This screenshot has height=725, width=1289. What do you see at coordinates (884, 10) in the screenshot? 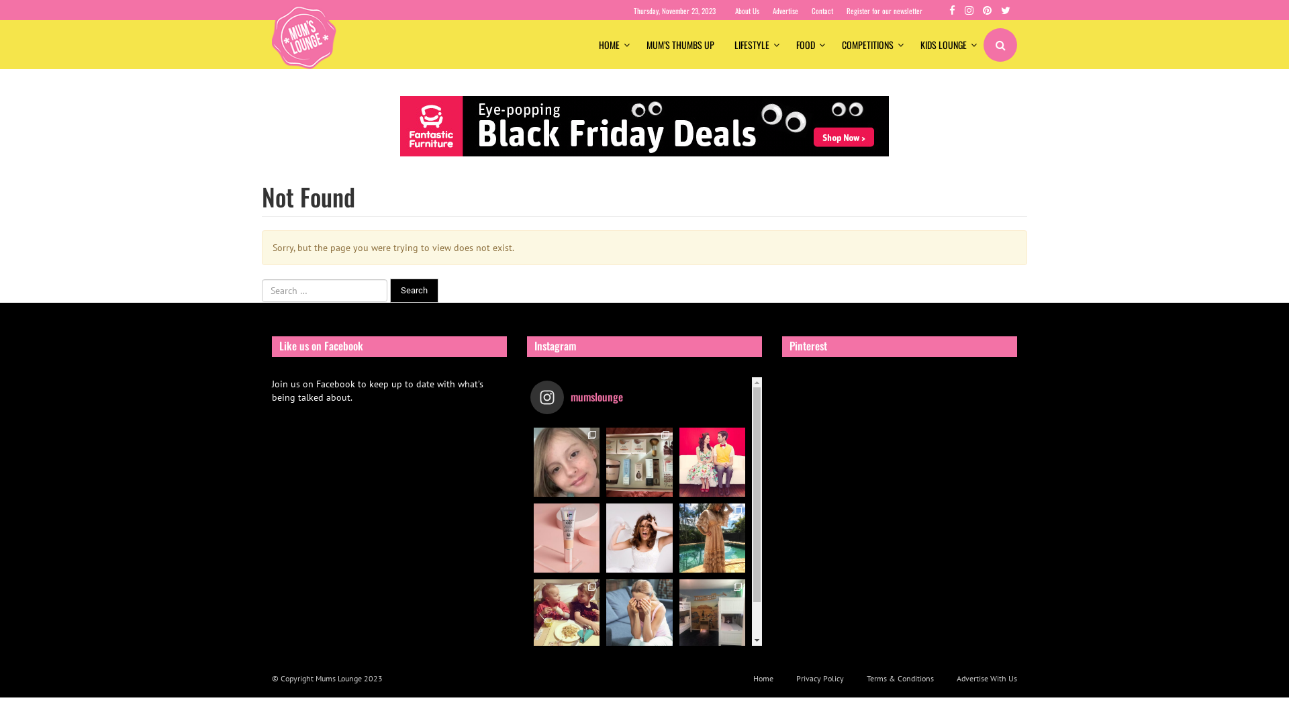
I see `'Register for our newsletter'` at bounding box center [884, 10].